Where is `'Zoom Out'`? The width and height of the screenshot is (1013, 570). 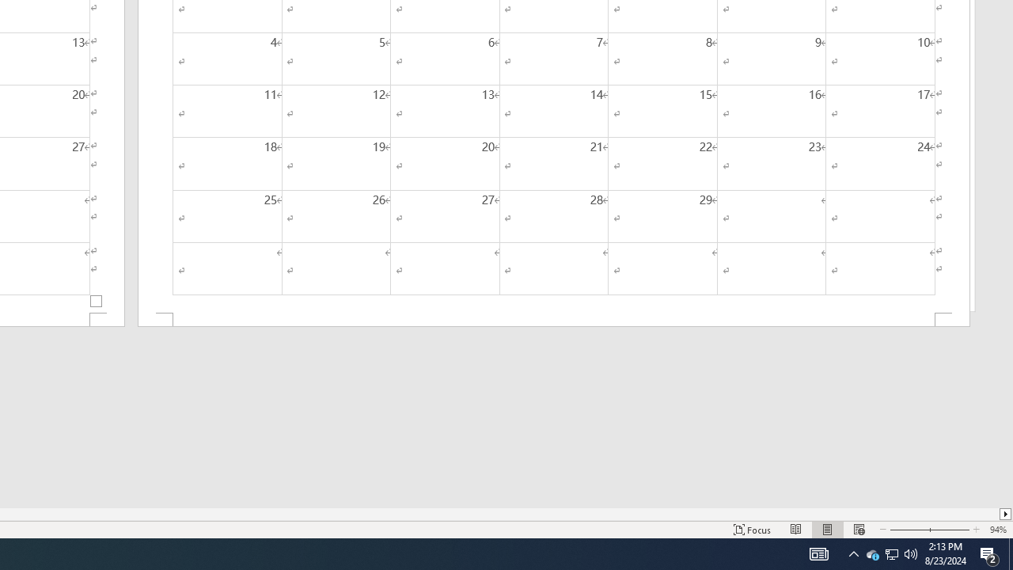
'Zoom Out' is located at coordinates (908, 530).